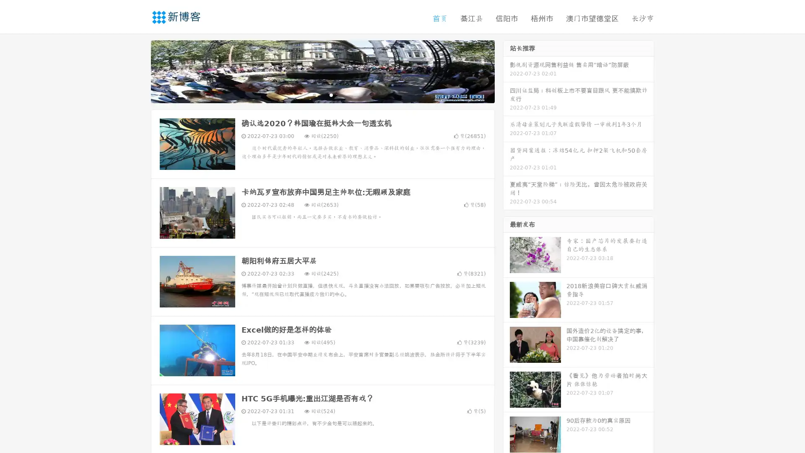 The image size is (805, 453). What do you see at coordinates (138, 70) in the screenshot?
I see `Previous slide` at bounding box center [138, 70].